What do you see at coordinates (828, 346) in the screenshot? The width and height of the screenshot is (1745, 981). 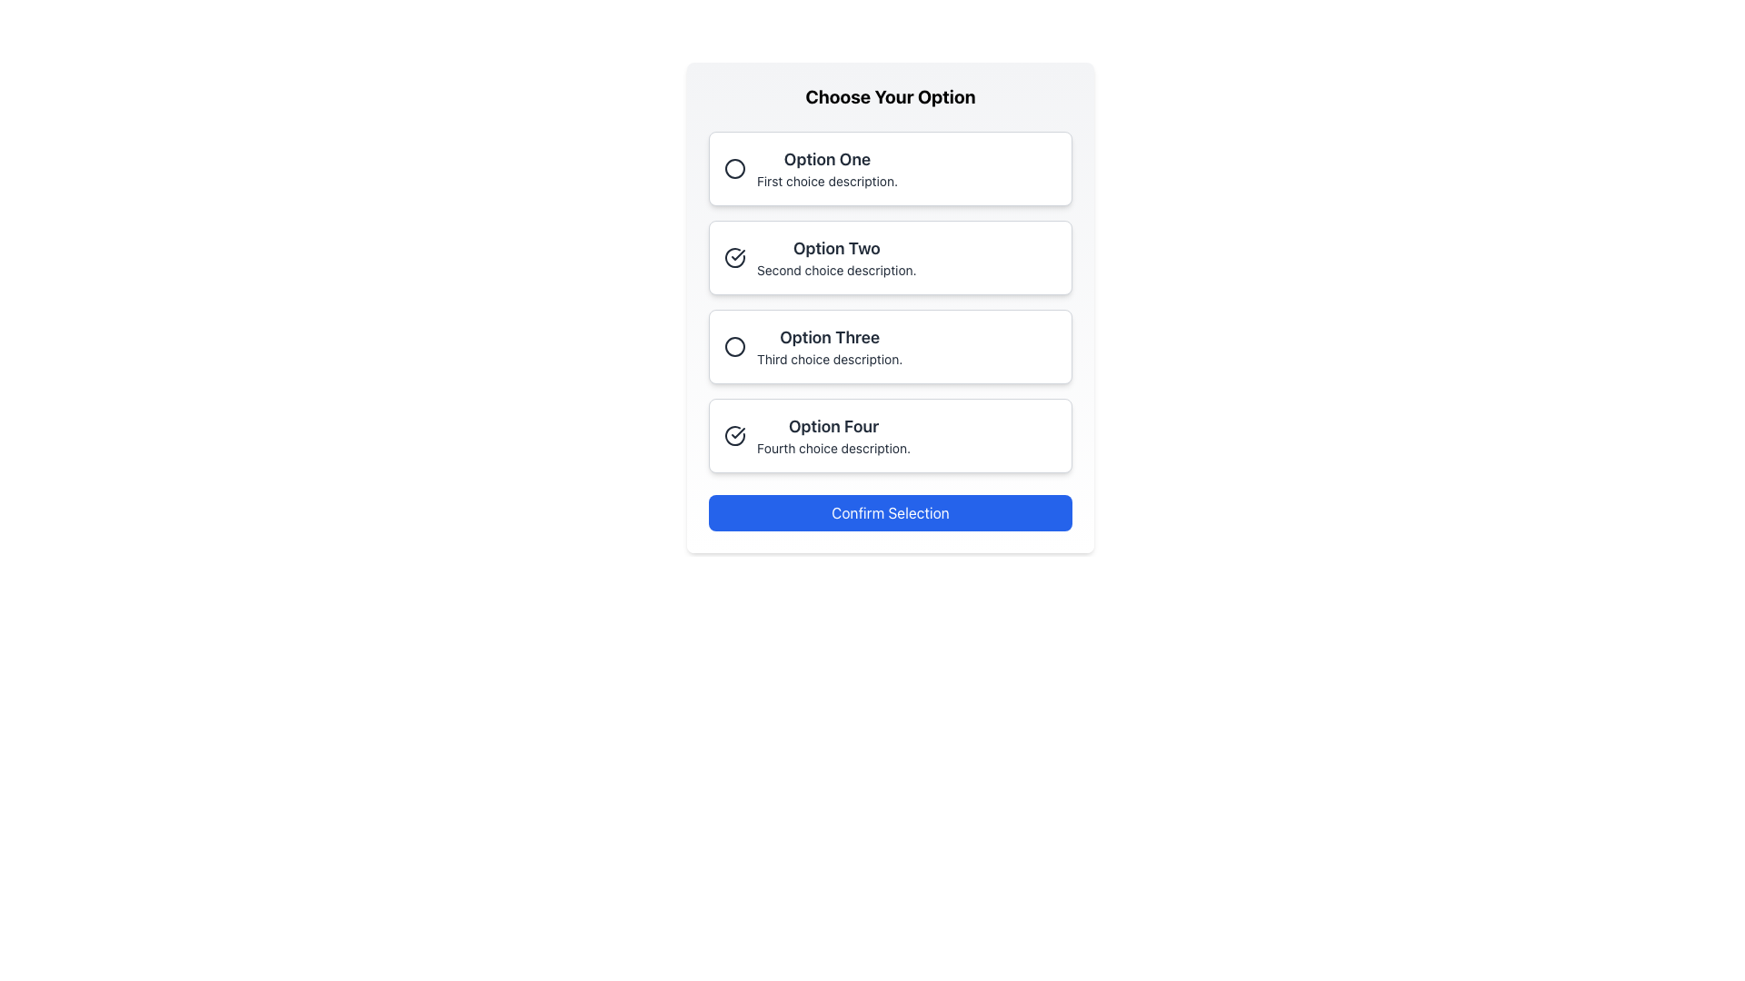 I see `the 'Option Three' element, which includes the title 'Option Three' and the description 'Third choice description', located in the third position of the selectable options under 'Choose Your Option'` at bounding box center [828, 346].